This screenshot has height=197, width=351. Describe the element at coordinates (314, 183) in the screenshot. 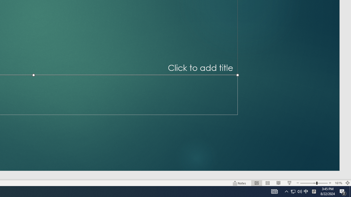

I see `'Zoom'` at that location.